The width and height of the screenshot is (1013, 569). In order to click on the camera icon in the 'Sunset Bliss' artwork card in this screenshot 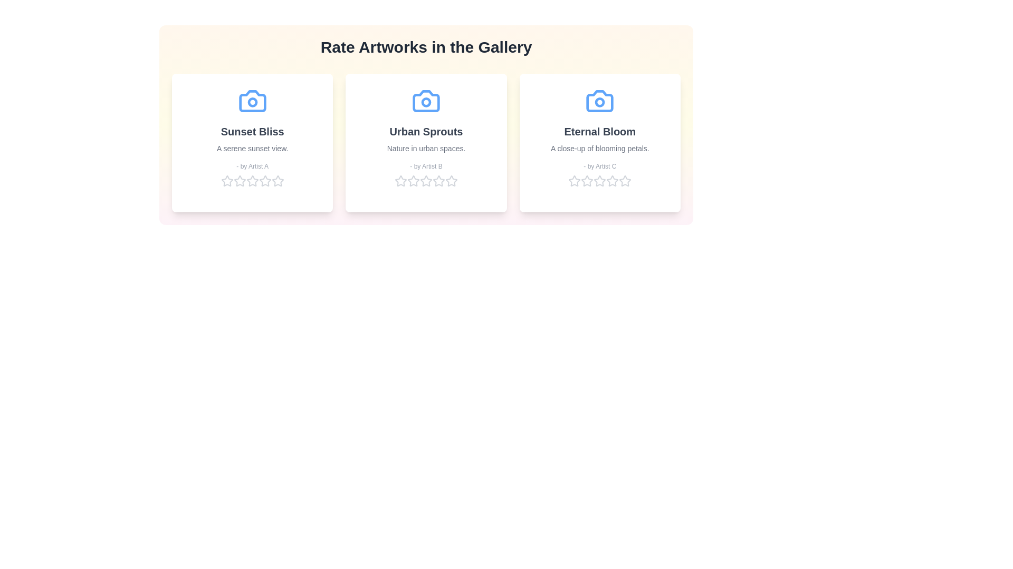, I will do `click(252, 101)`.